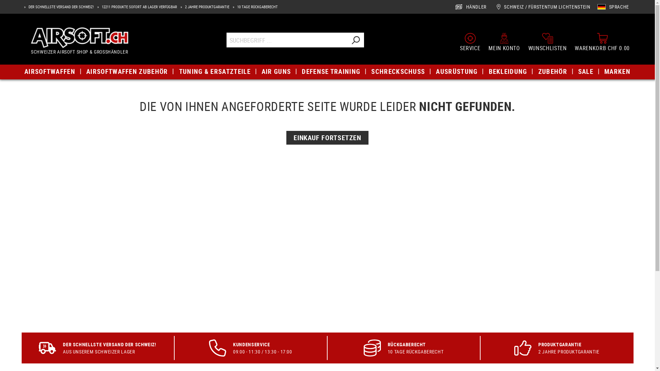 The height and width of the screenshot is (371, 660). Describe the element at coordinates (79, 42) in the screenshot. I see `'Airsoft.ch'` at that location.